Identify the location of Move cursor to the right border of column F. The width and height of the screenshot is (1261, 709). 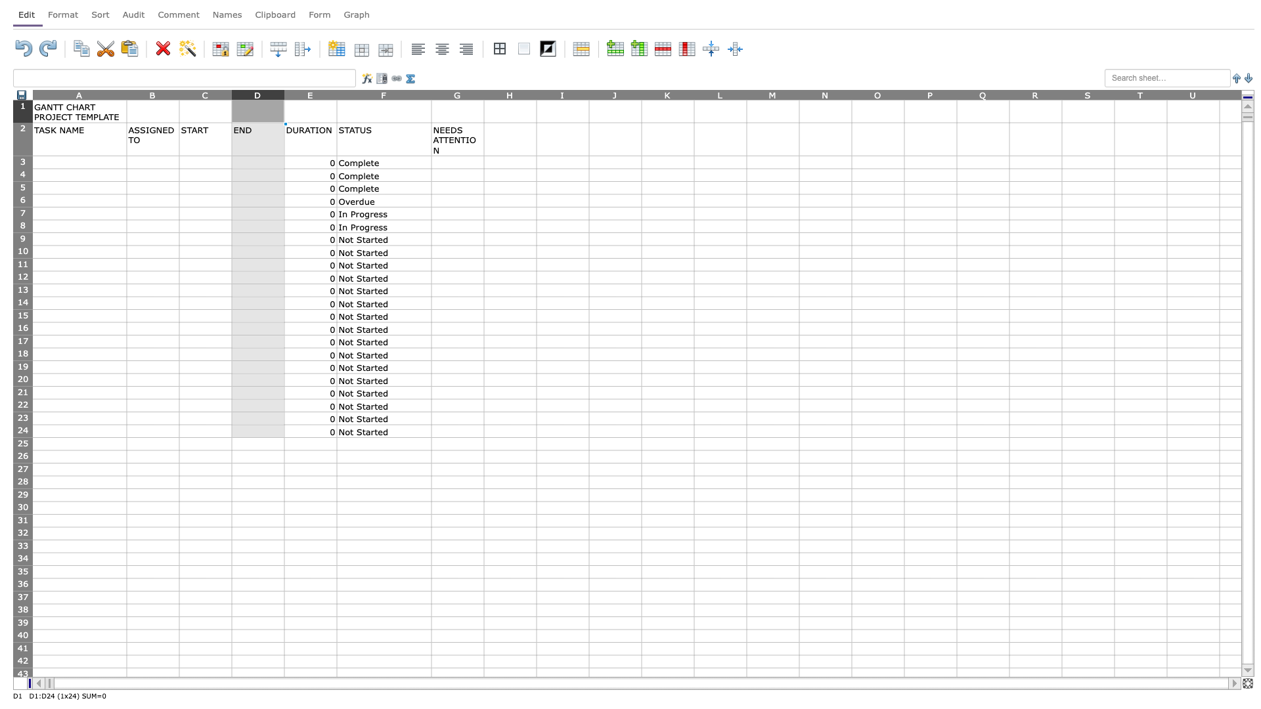
(431, 94).